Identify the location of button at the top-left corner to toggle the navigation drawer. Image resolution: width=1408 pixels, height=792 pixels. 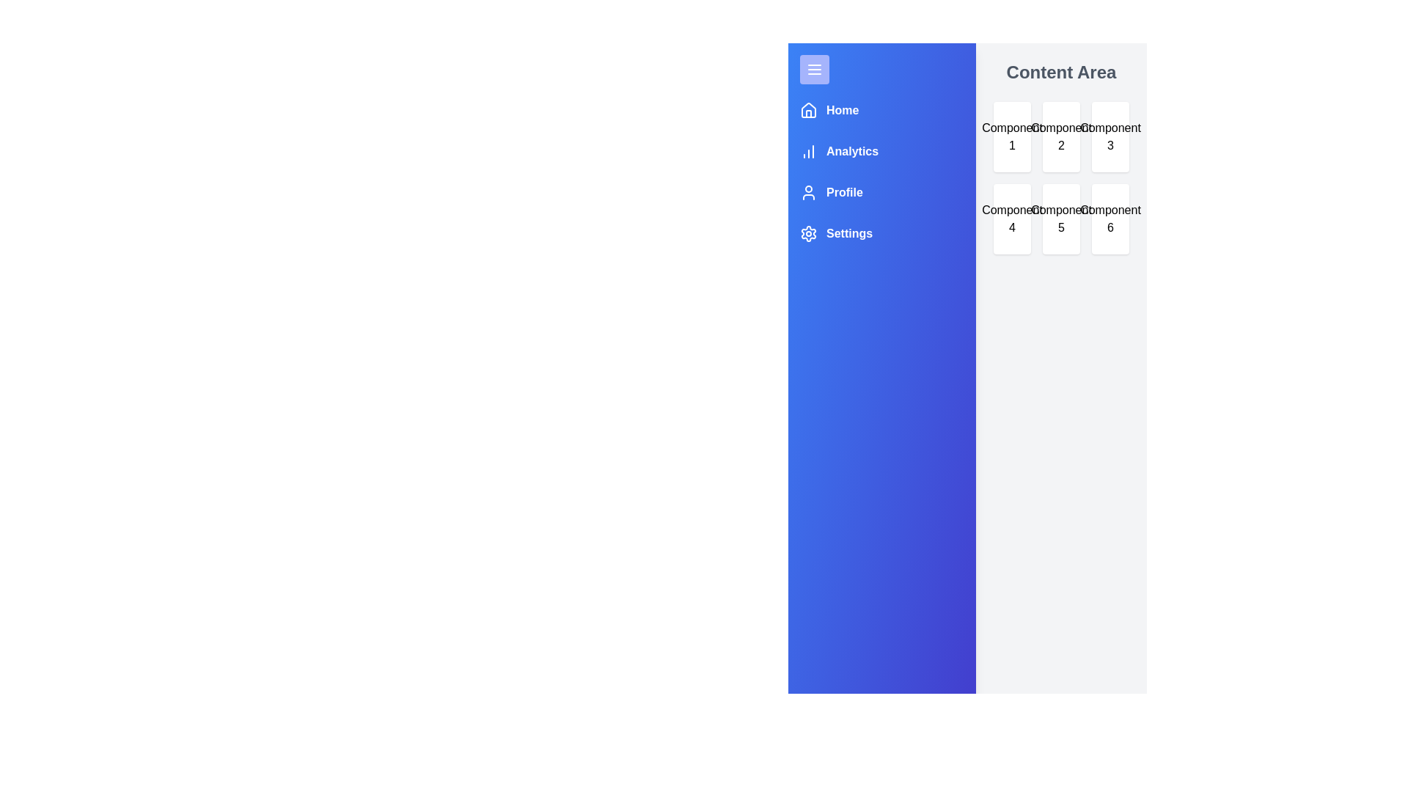
(813, 70).